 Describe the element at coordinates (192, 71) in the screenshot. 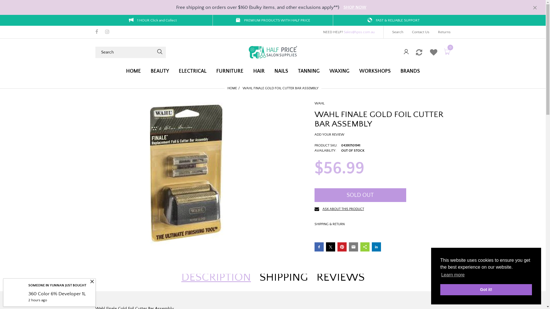

I see `'ELECTRICAL'` at that location.